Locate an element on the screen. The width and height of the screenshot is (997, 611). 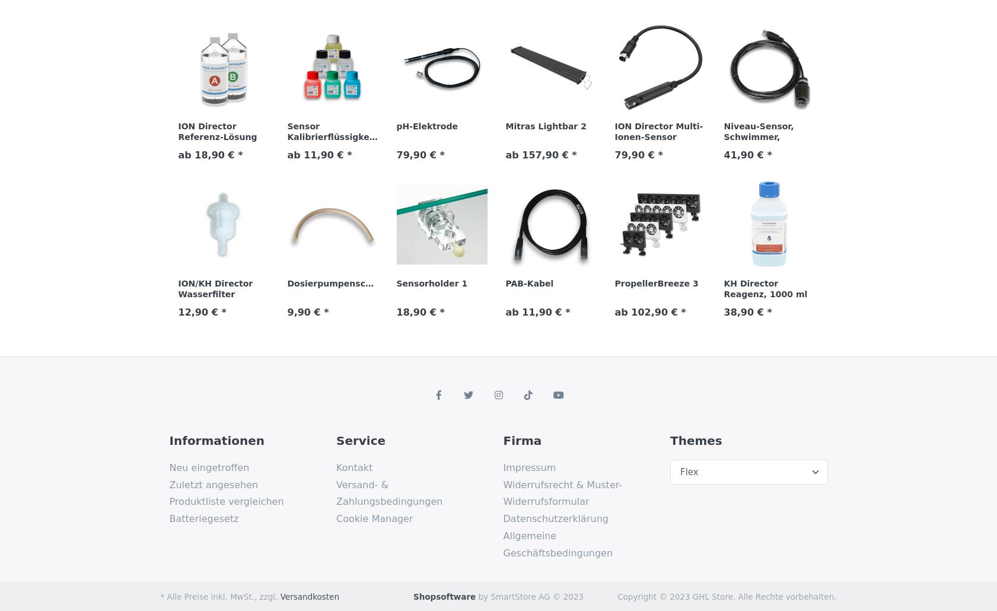
'ION Director Multi-Ionen-Sensor Version 2' is located at coordinates (658, 136).